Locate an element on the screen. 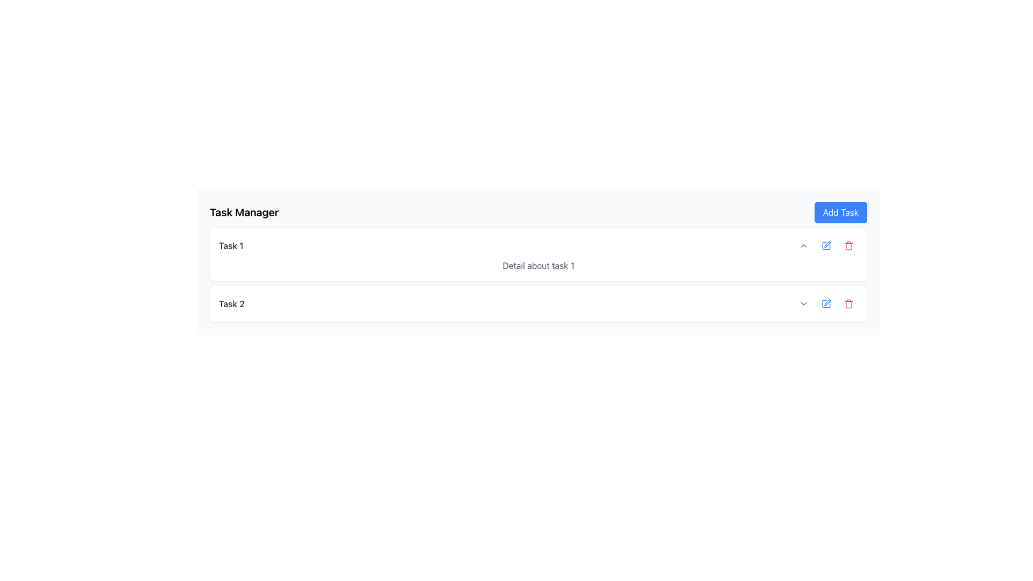 This screenshot has height=581, width=1033. the small square-shaped button with a pen icon, which signifies an edit action, located to the right of the 'Task 2' entry in the list is located at coordinates (826, 245).